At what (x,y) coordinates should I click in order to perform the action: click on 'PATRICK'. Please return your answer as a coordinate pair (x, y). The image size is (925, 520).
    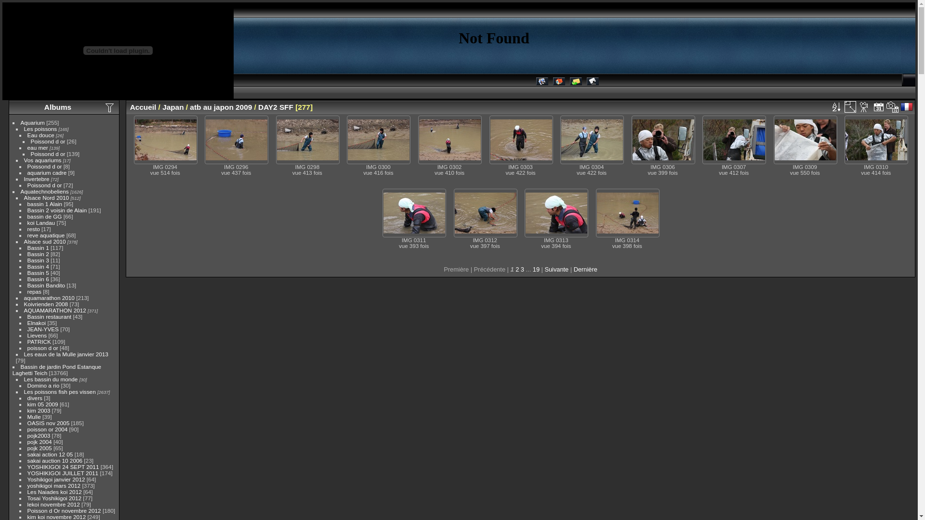
    Looking at the image, I should click on (39, 341).